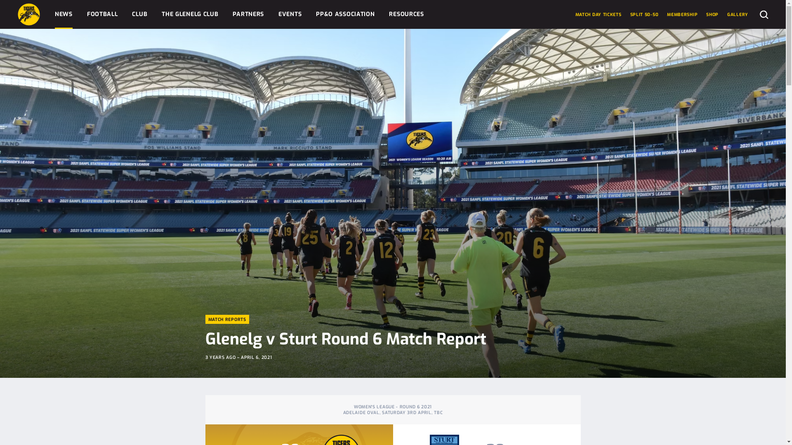 The image size is (792, 445). I want to click on 'MEMBERSHIP', so click(667, 14).